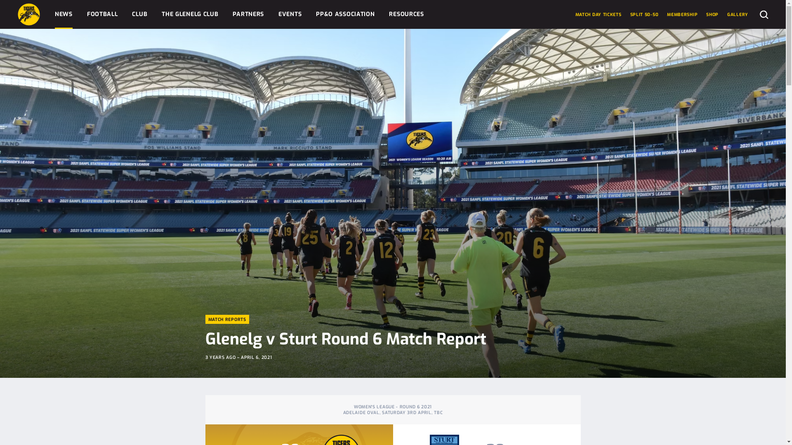 The image size is (792, 445). I want to click on 'MEMBERSHIP', so click(667, 14).